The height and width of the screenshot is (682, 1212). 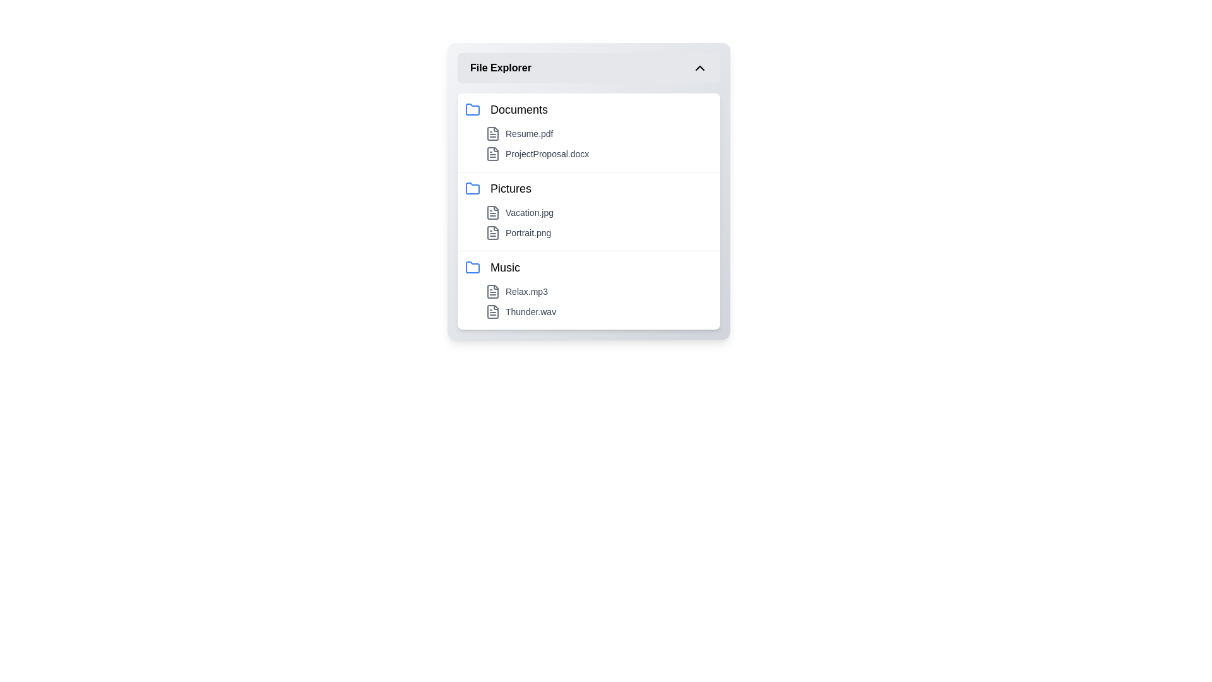 What do you see at coordinates (598, 153) in the screenshot?
I see `the file named ProjectProposal.docx to open it` at bounding box center [598, 153].